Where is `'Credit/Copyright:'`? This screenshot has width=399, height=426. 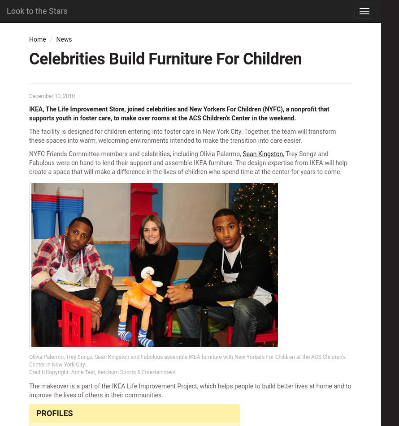 'Credit/Copyright:' is located at coordinates (49, 372).